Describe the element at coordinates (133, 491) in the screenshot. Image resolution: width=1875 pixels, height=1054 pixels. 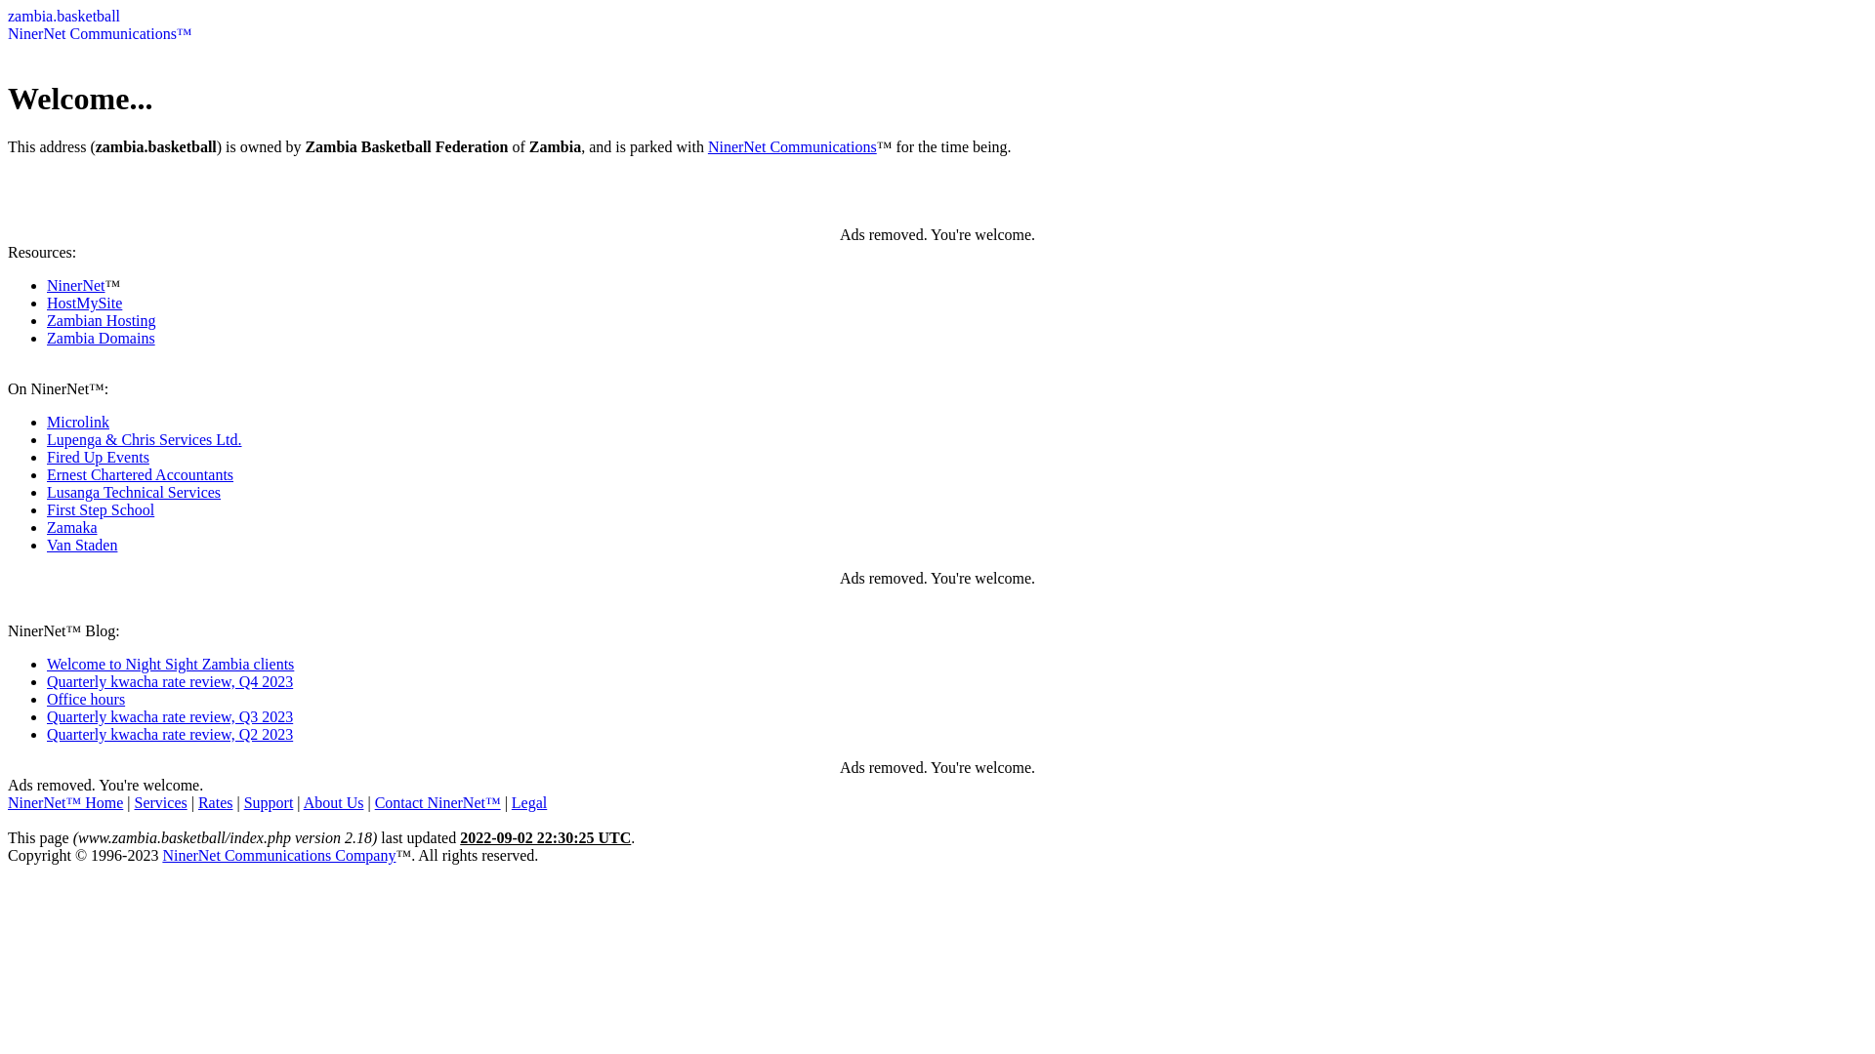
I see `'Lusanga Technical Services'` at that location.